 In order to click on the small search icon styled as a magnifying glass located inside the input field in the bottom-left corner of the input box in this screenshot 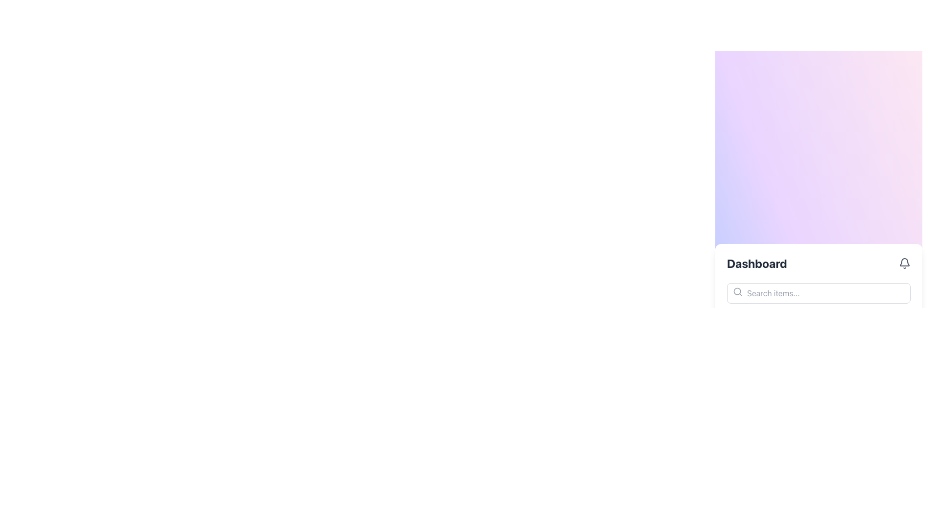, I will do `click(738, 291)`.